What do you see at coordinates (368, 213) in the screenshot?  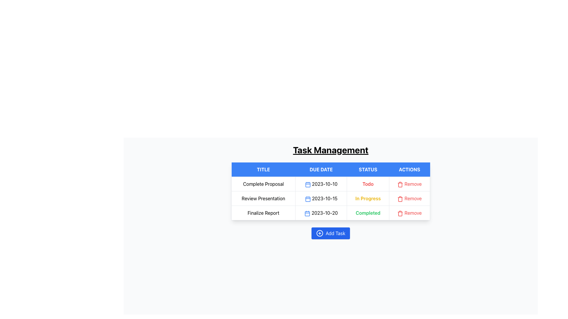 I see `the green text label displaying 'Completed' located in the third row under the 'STATUS' column next to the 'Remove' button` at bounding box center [368, 213].